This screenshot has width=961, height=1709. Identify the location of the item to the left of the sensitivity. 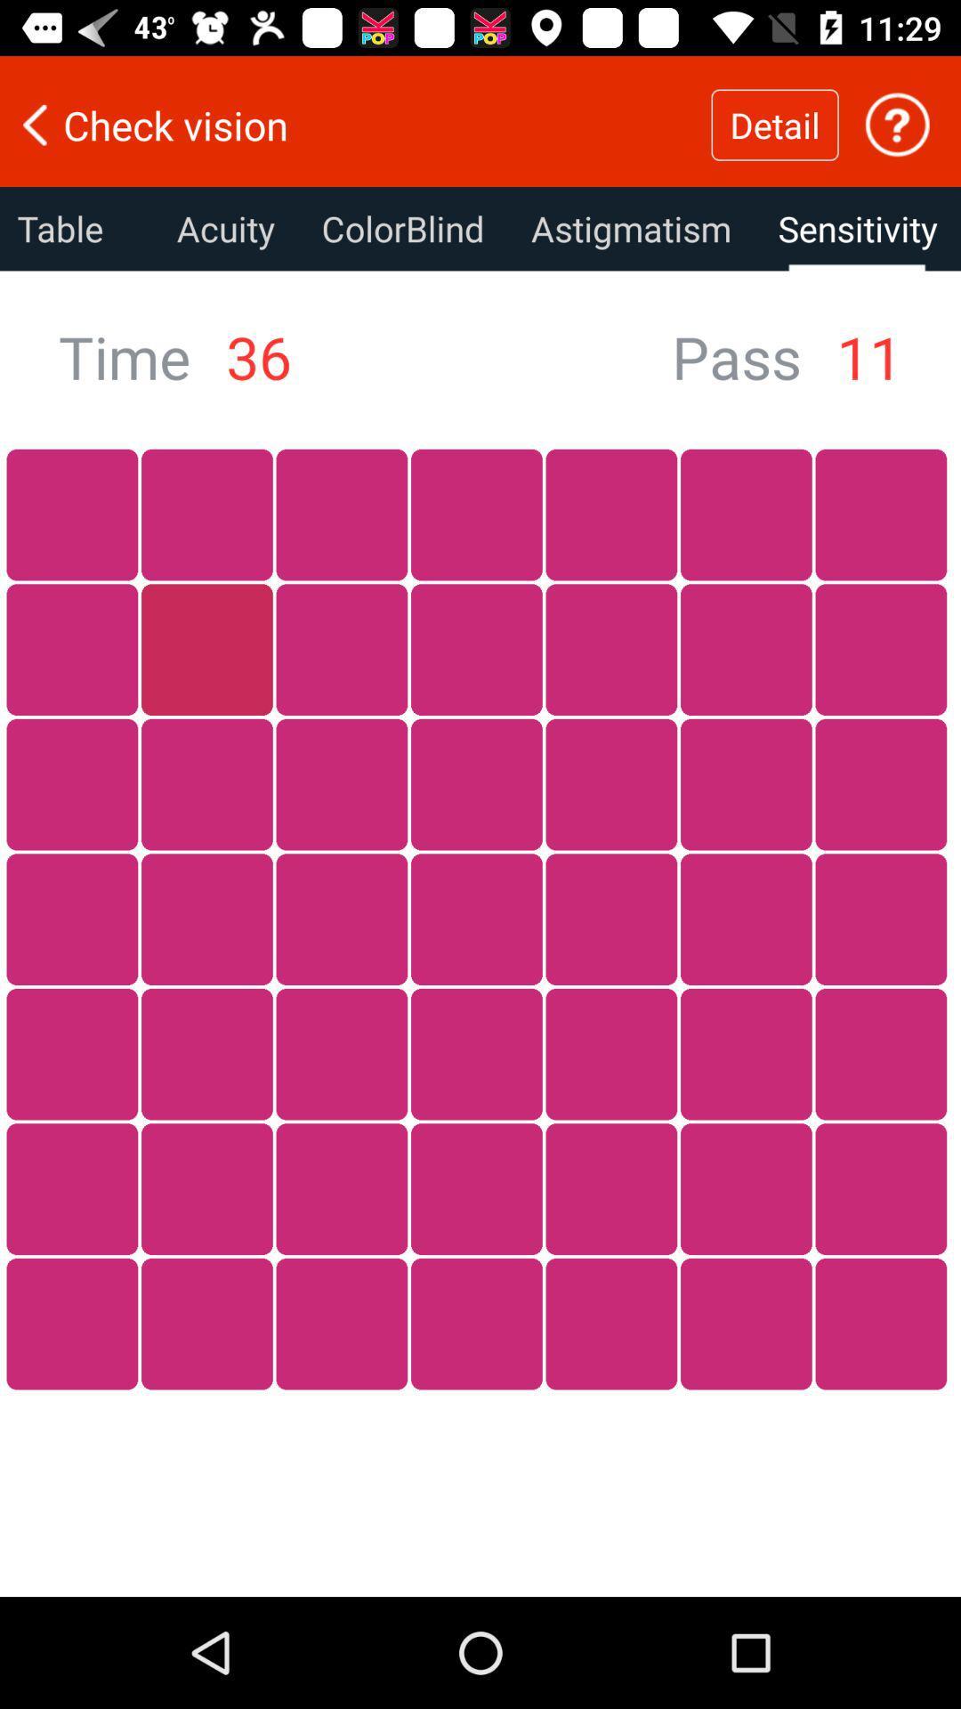
(630, 228).